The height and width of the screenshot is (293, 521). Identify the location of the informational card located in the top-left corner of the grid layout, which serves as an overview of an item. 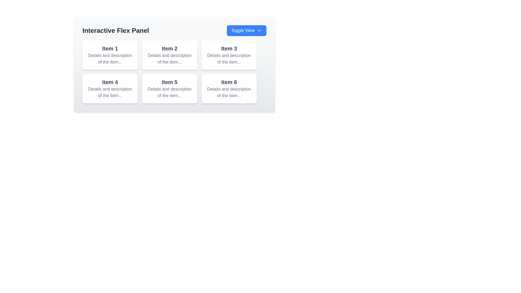
(110, 55).